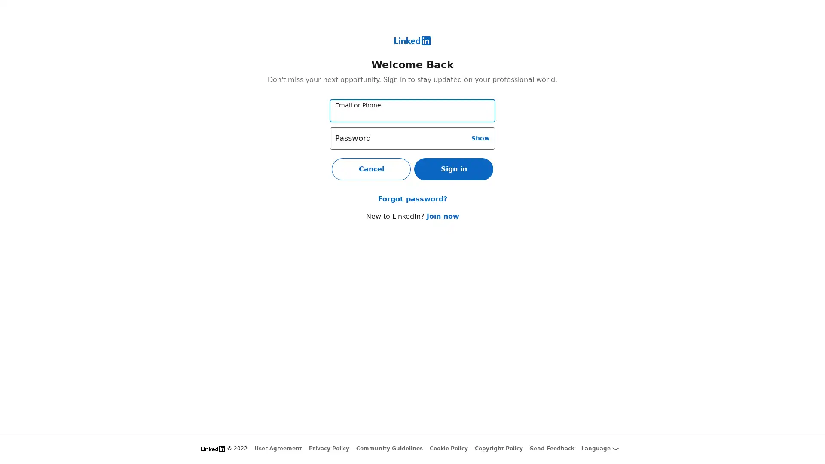 Image resolution: width=825 pixels, height=464 pixels. I want to click on Cancel, so click(371, 169).